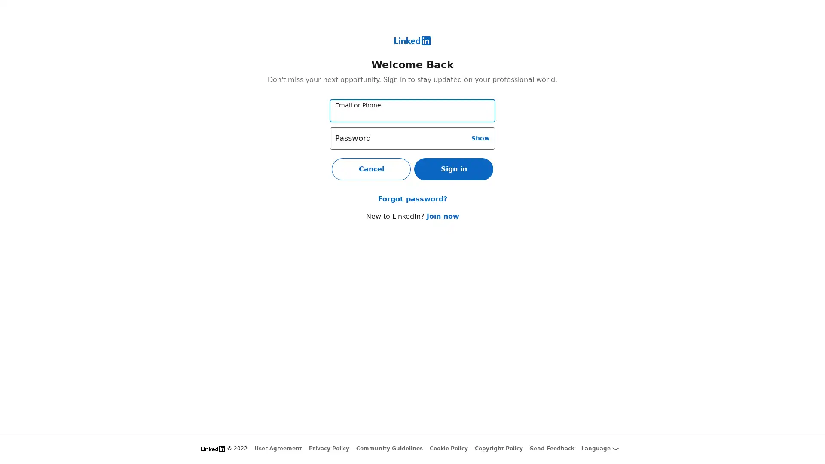 Image resolution: width=825 pixels, height=464 pixels. I want to click on Cancel, so click(371, 169).